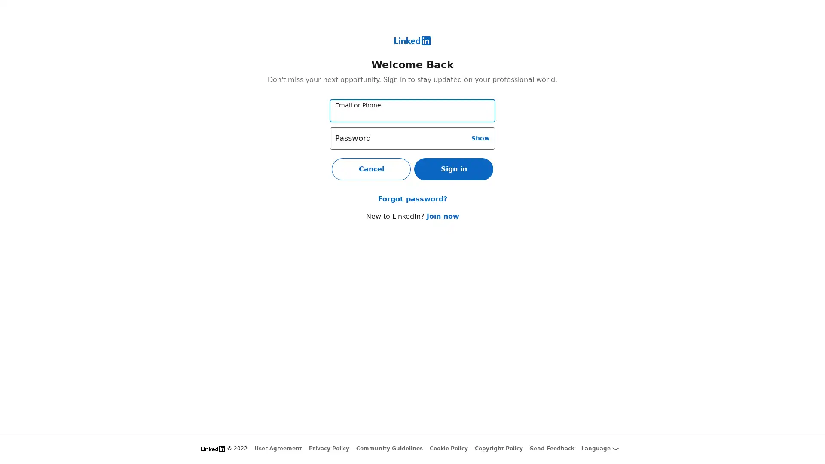 Image resolution: width=825 pixels, height=464 pixels. I want to click on Cancel, so click(371, 169).